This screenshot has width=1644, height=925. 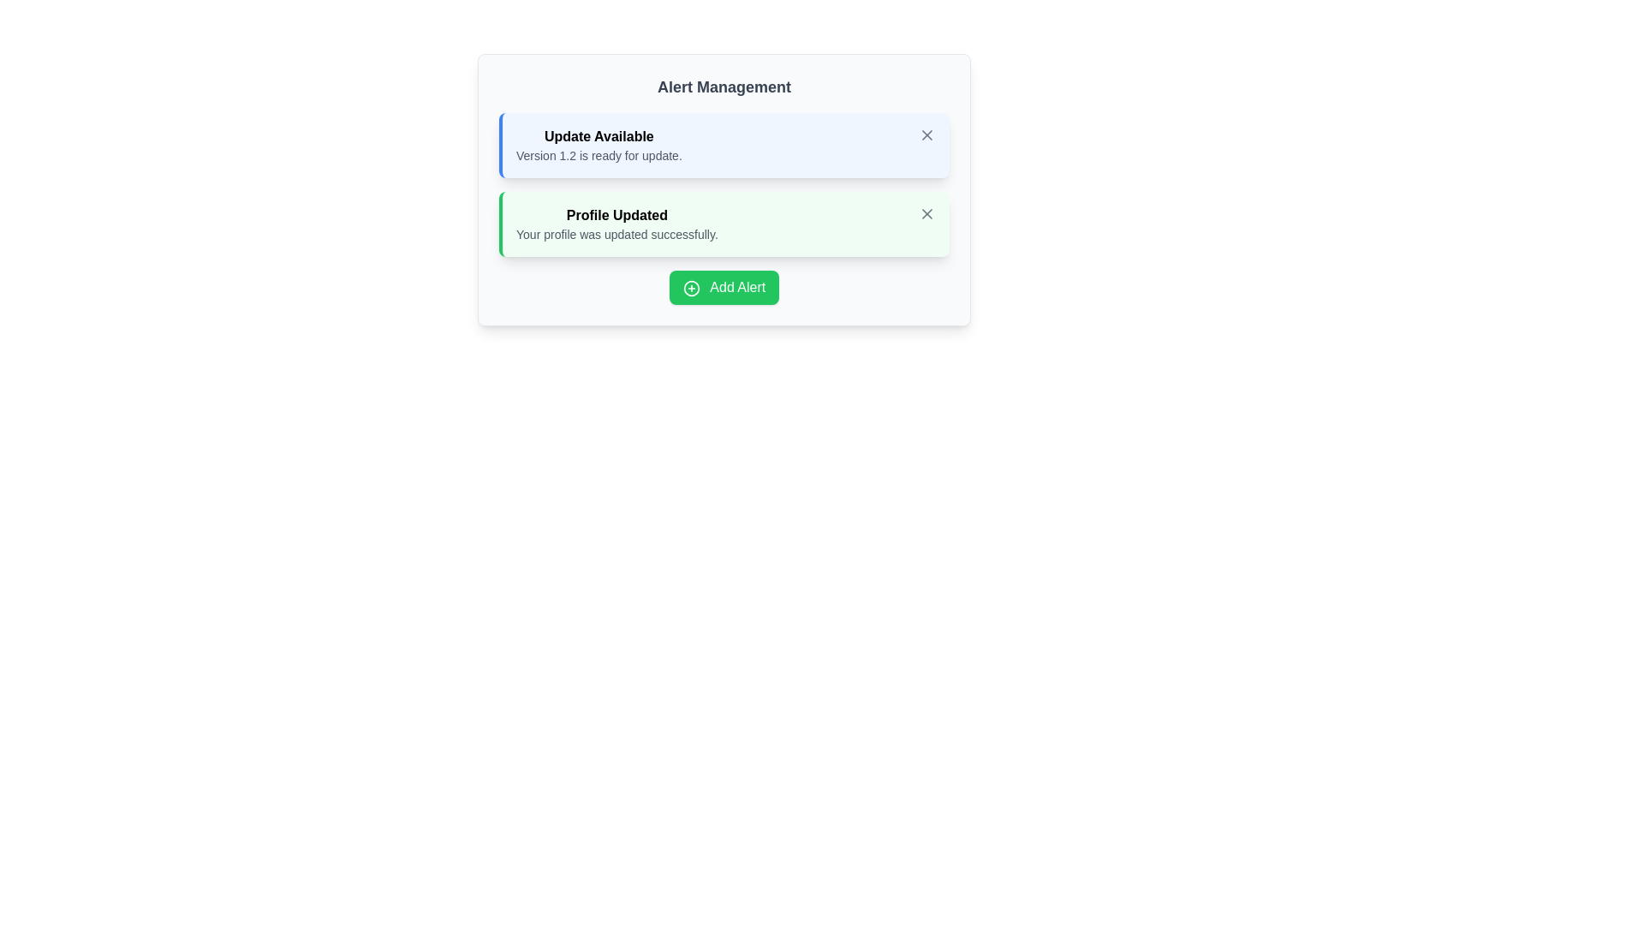 I want to click on the close icon in the top-right corner of the 'Update Available' notification card, so click(x=926, y=134).